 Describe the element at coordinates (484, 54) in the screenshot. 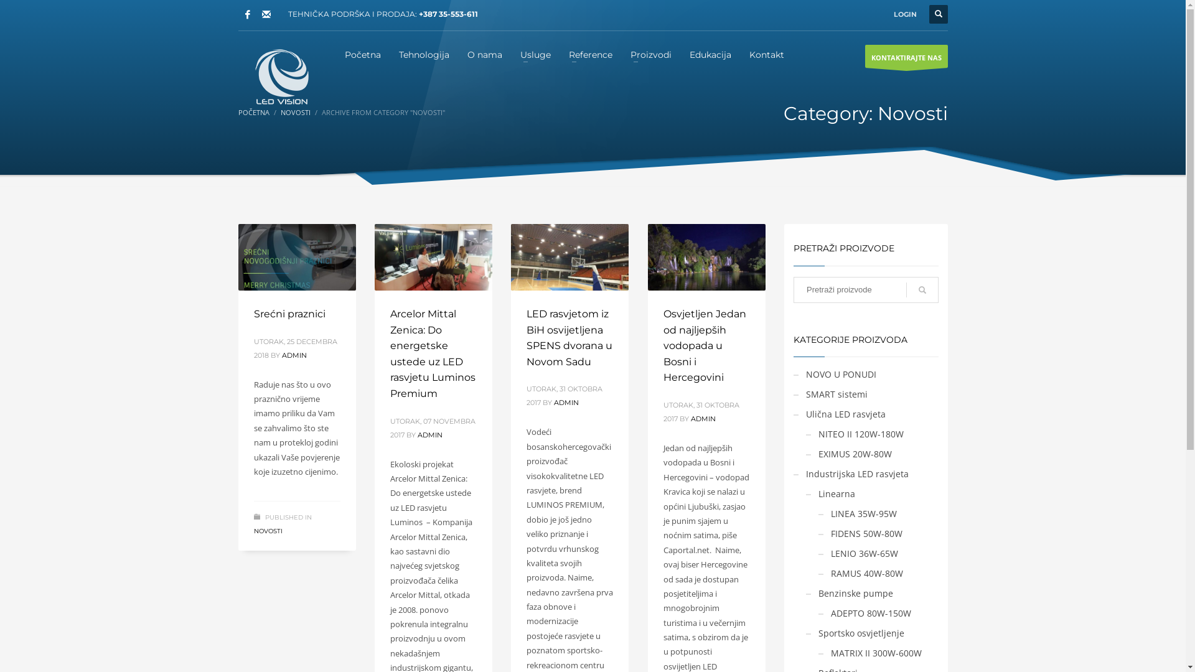

I see `'O nama'` at that location.